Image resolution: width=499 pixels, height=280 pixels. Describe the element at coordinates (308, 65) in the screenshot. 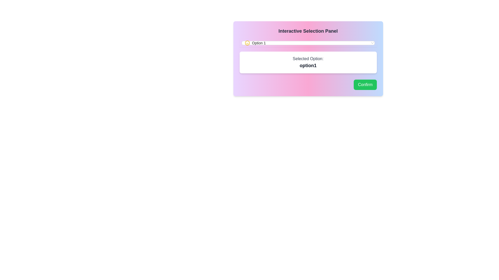

I see `text displayed in the bold and larger font within the white box under the label 'Selected Option:' to understand the currently selected option` at that location.